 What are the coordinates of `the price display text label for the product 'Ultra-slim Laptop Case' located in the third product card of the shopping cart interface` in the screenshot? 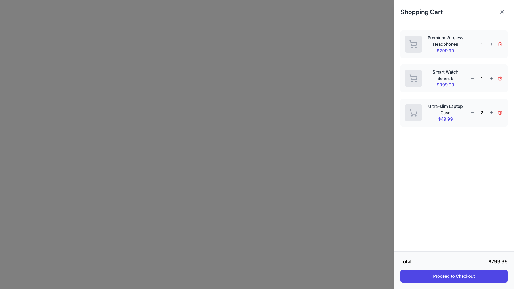 It's located at (445, 119).